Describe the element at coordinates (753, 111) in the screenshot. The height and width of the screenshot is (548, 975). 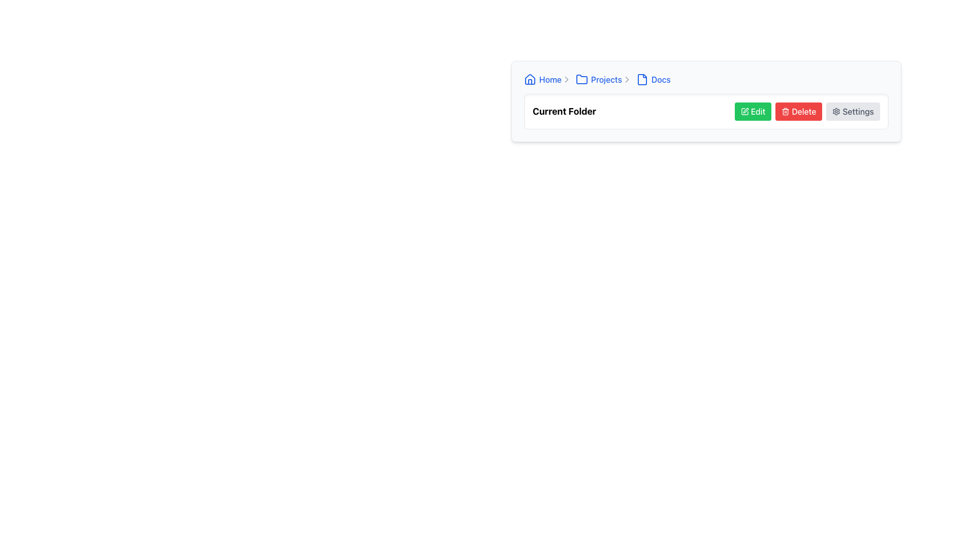
I see `the 'Edit' button located on the far left of a horizontal row of buttons` at that location.